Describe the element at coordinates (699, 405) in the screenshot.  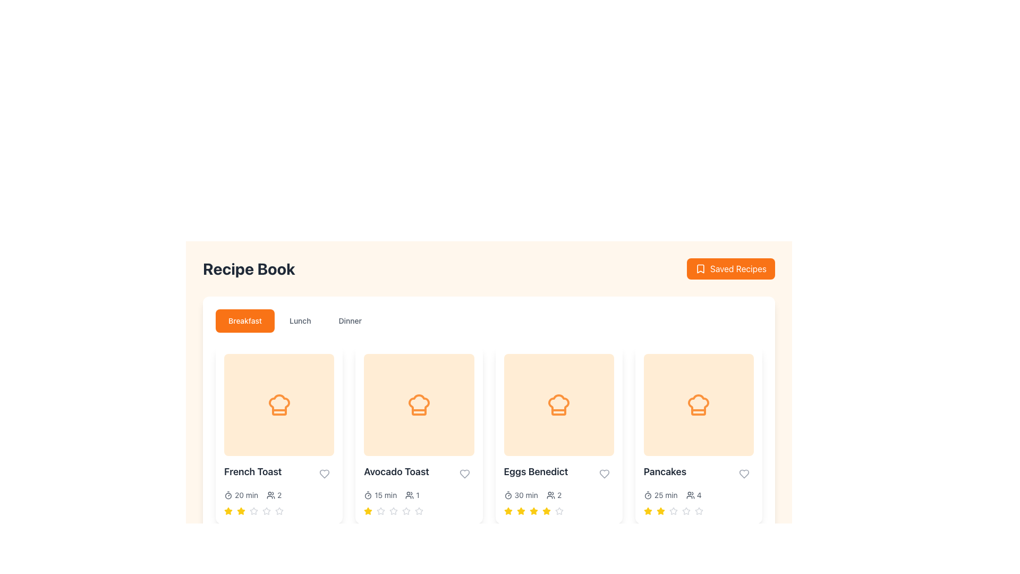
I see `the culinary icon representing the 'Pancakes' recipe, which is centered within its card and adjacent to 'Eggs Benedict'` at that location.